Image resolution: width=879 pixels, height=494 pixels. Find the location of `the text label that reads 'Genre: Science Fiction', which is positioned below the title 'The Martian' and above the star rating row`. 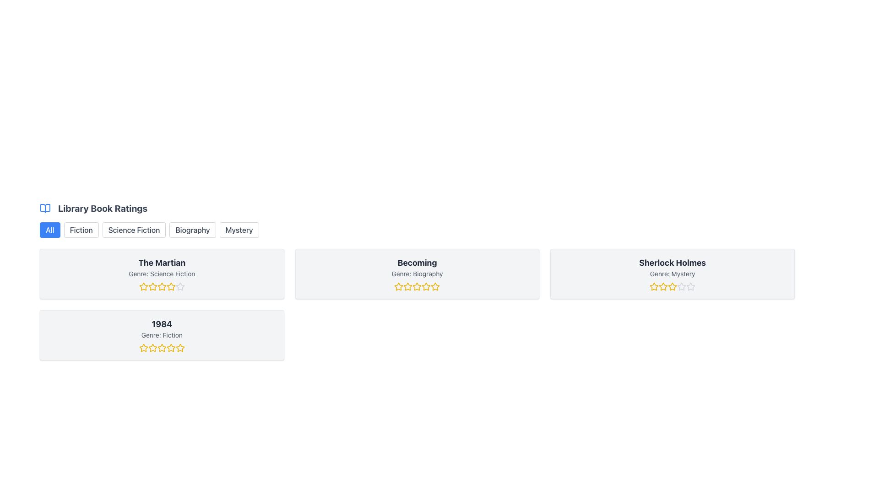

the text label that reads 'Genre: Science Fiction', which is positioned below the title 'The Martian' and above the star rating row is located at coordinates (162, 273).